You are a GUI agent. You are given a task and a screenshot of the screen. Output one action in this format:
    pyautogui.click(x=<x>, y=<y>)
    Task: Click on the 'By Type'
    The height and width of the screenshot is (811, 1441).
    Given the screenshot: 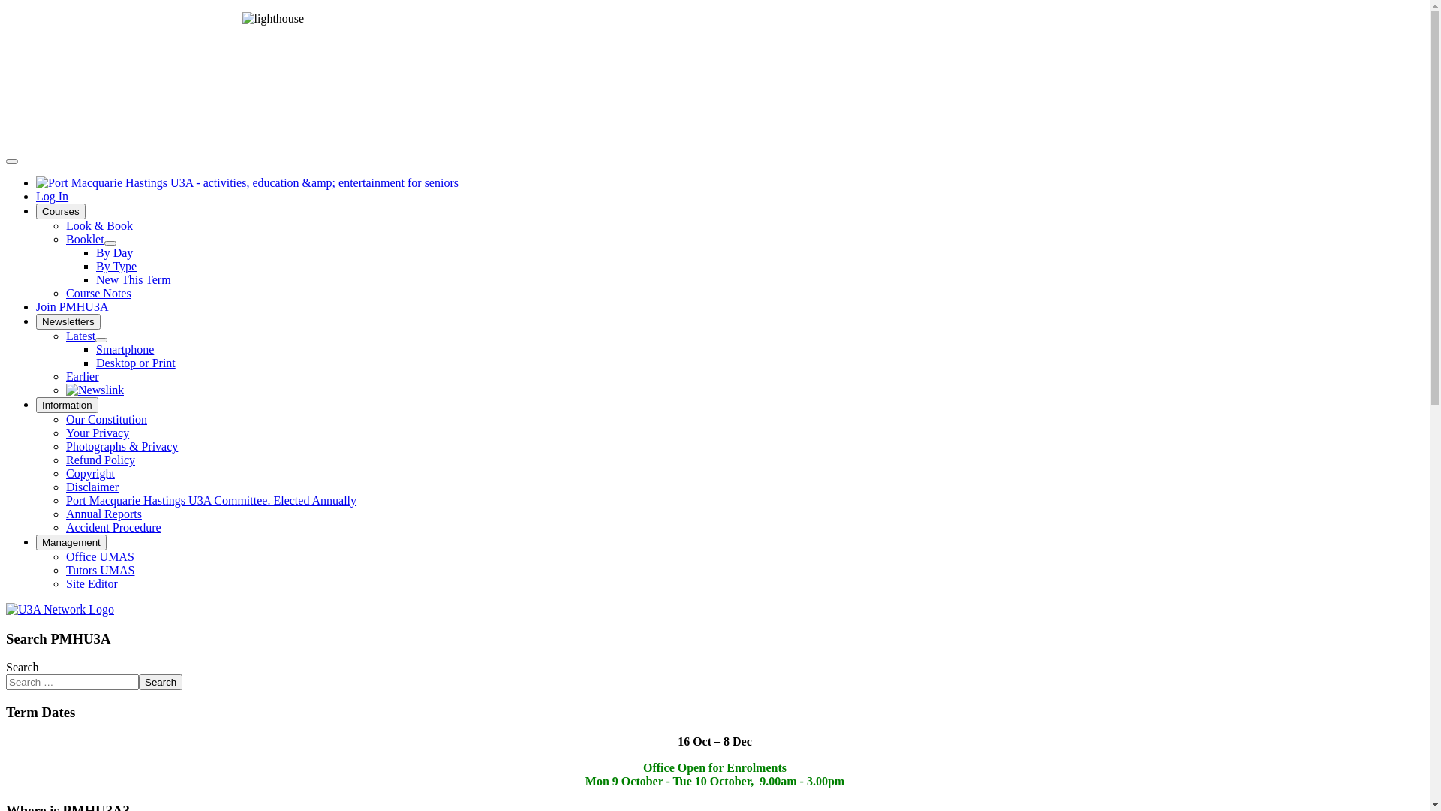 What is the action you would take?
    pyautogui.click(x=115, y=265)
    